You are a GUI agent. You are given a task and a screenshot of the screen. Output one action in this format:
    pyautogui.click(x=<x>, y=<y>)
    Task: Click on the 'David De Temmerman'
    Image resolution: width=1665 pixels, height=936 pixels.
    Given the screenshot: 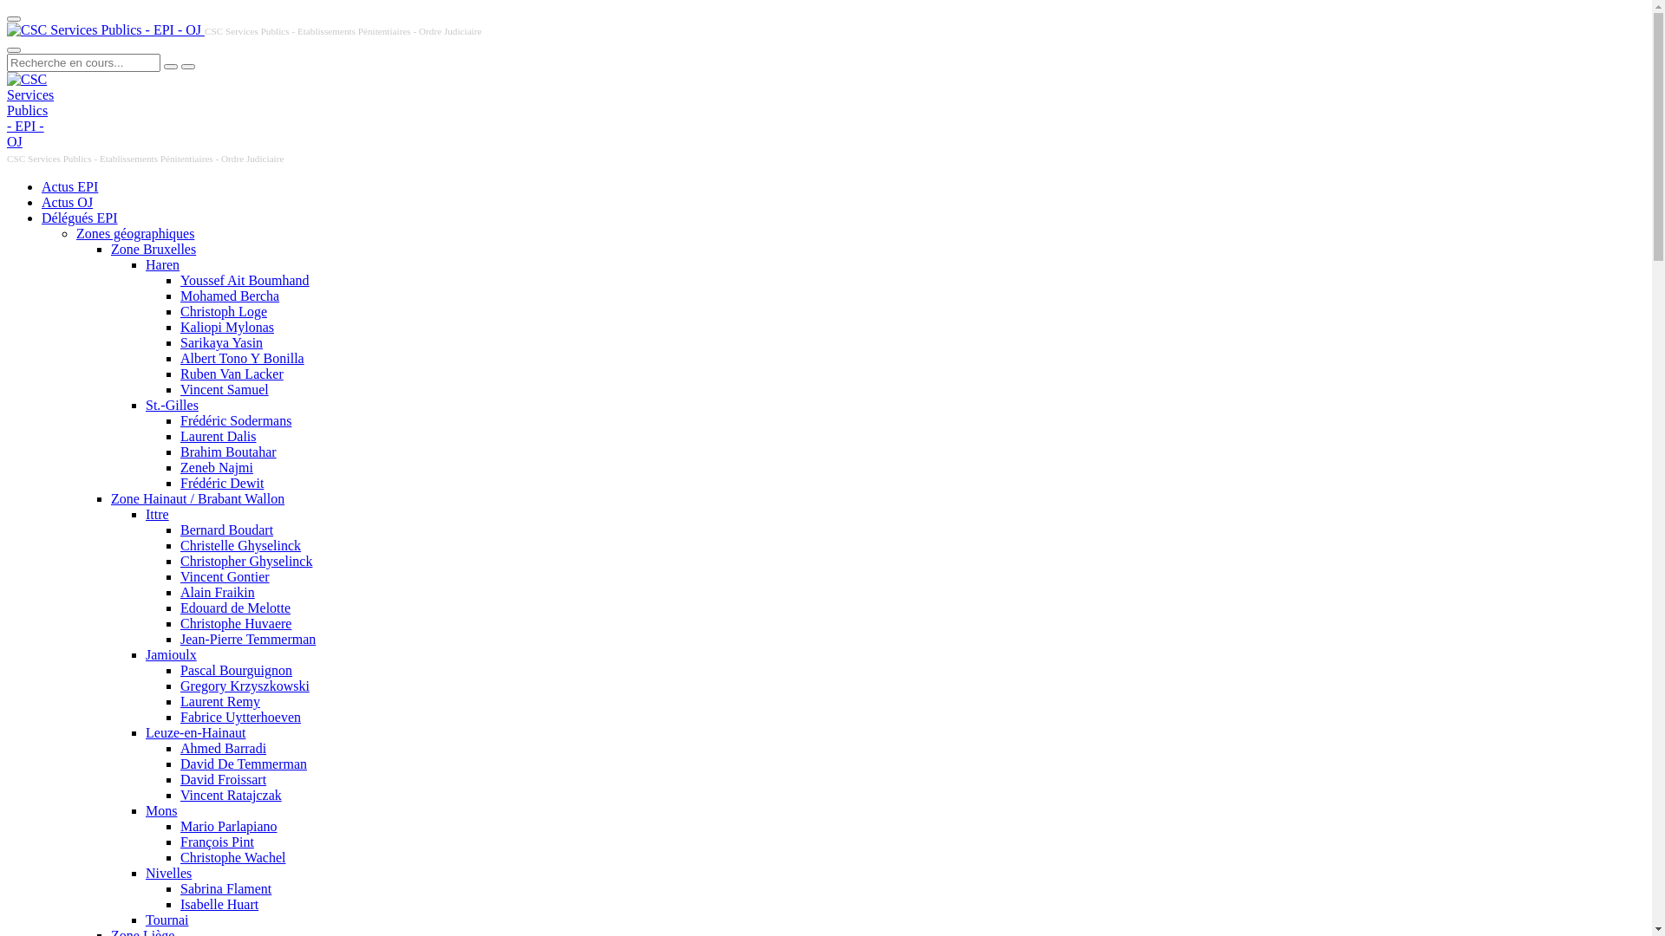 What is the action you would take?
    pyautogui.click(x=243, y=763)
    